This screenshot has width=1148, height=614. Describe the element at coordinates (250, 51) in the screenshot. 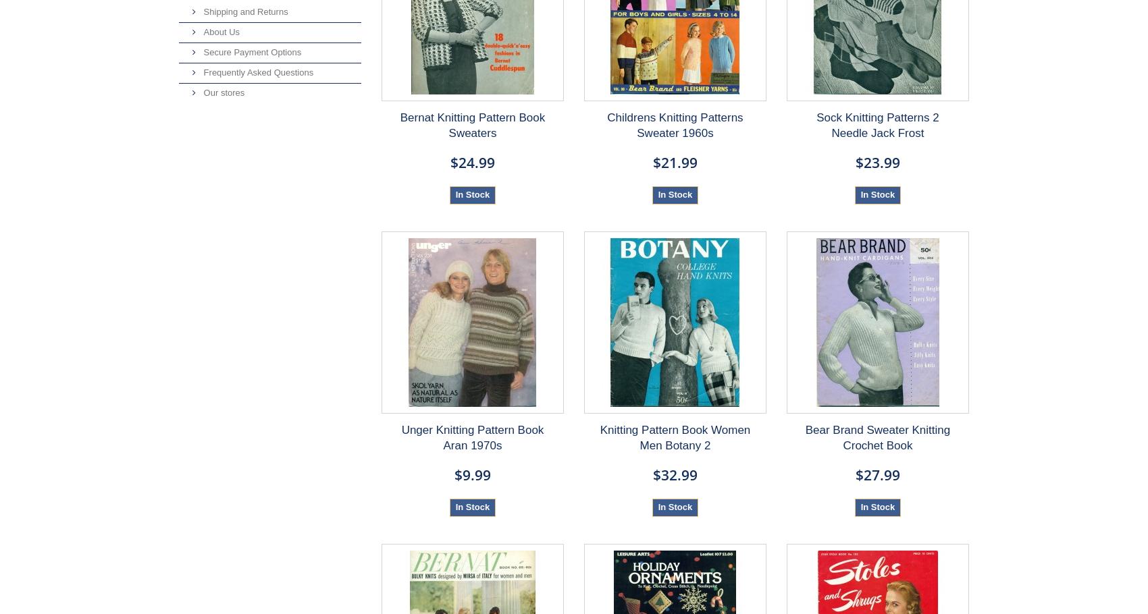

I see `'Secure Payment Options'` at that location.